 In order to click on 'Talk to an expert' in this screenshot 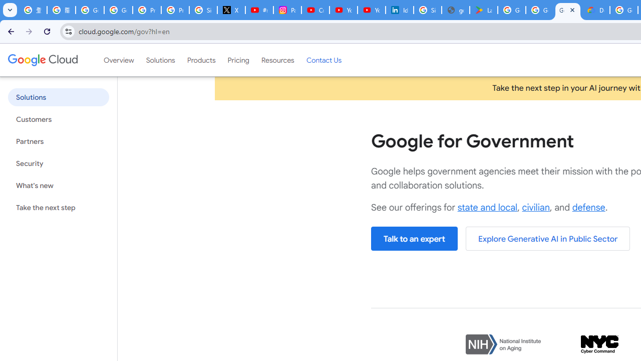, I will do `click(414, 238)`.